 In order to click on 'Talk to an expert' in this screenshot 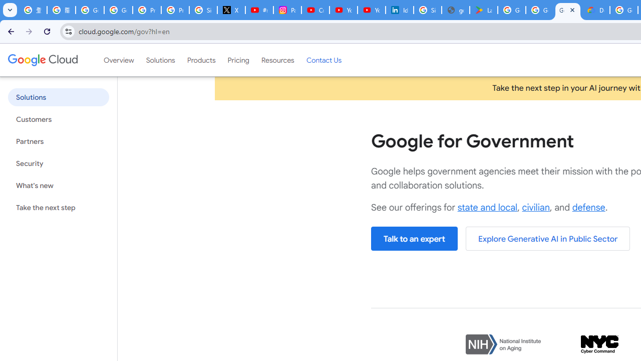, I will do `click(414, 238)`.